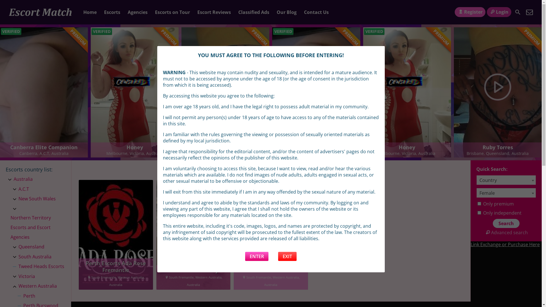 The image size is (546, 307). What do you see at coordinates (253, 12) in the screenshot?
I see `'Classified Ads'` at bounding box center [253, 12].